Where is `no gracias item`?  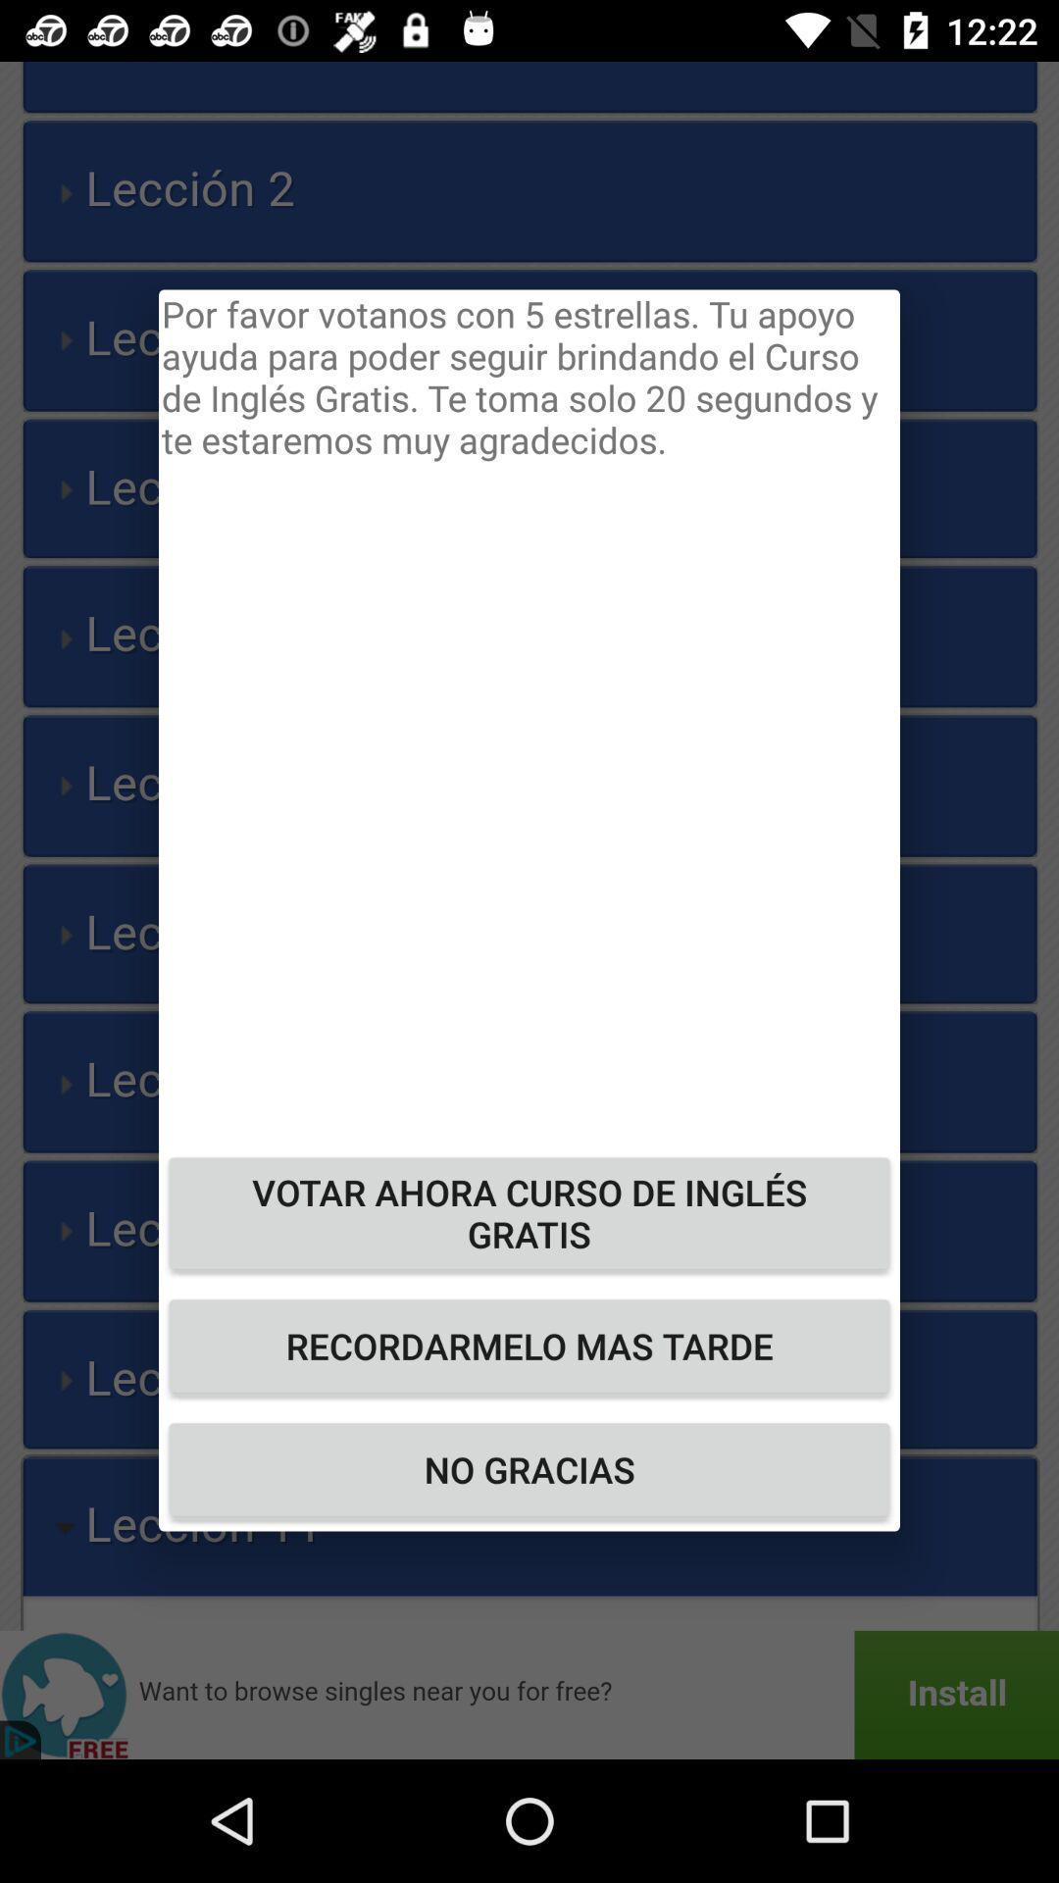
no gracias item is located at coordinates (529, 1469).